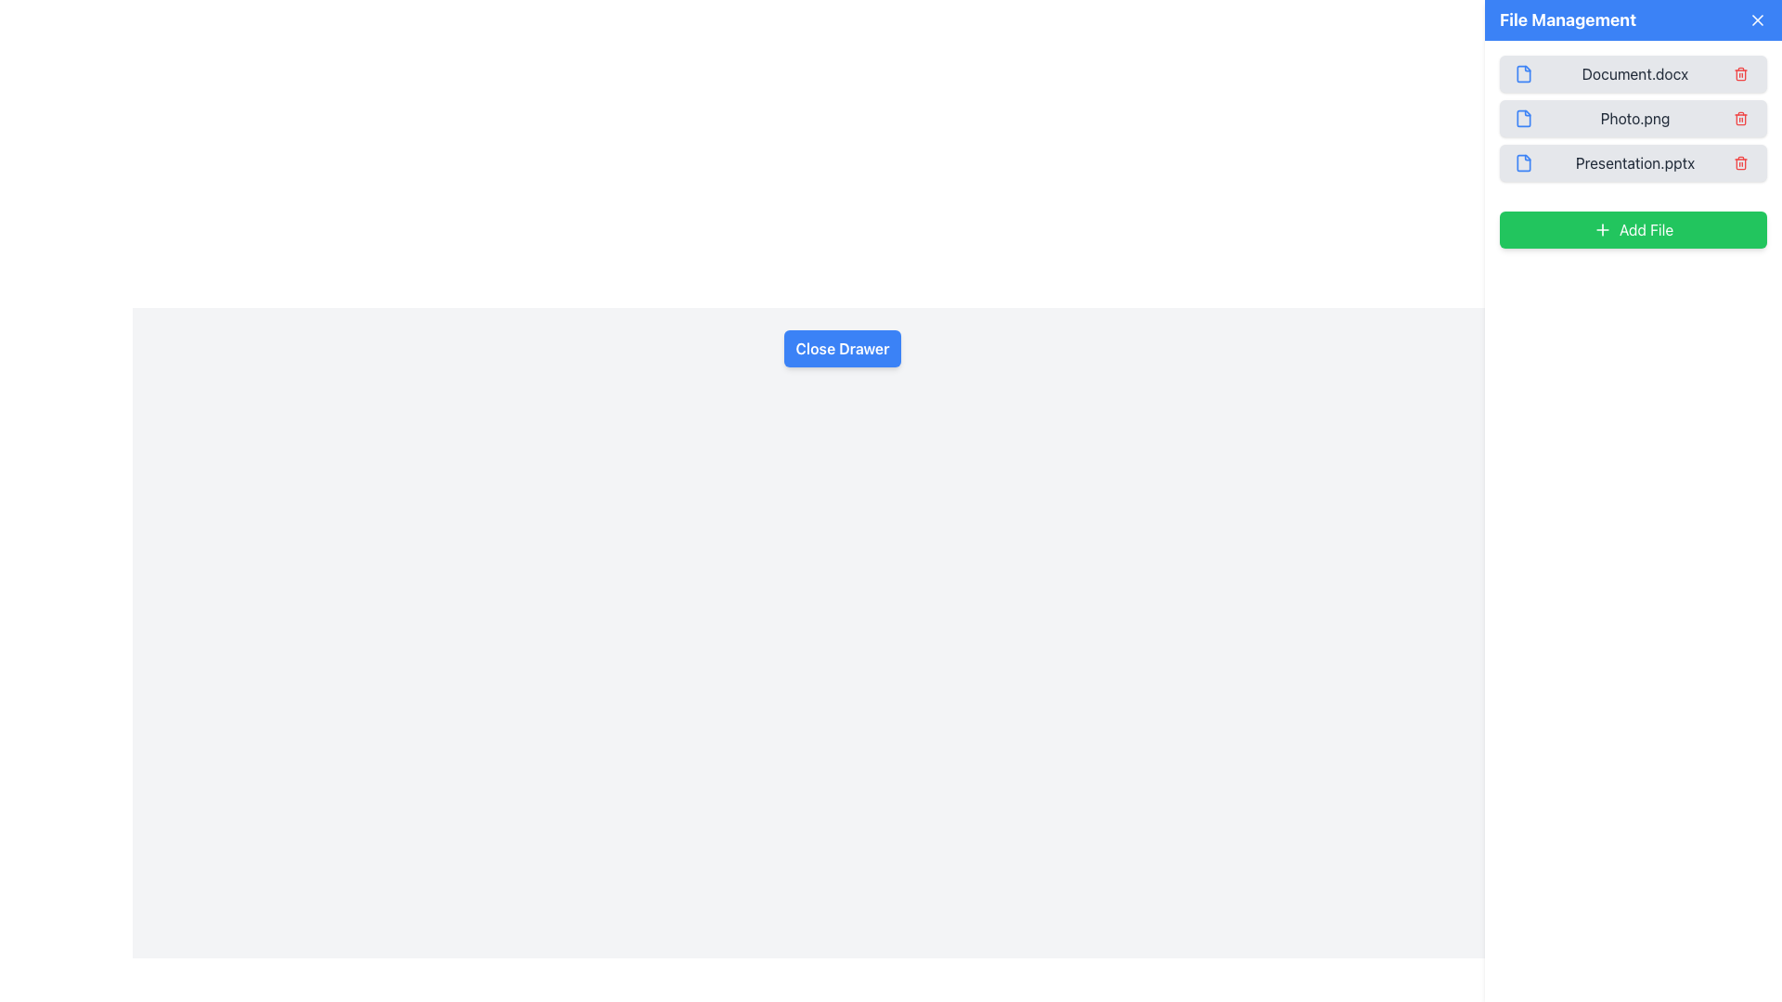 The width and height of the screenshot is (1782, 1002). Describe the element at coordinates (1757, 20) in the screenshot. I see `the 'X' icon button located at the top-right corner of the 'File Management' header` at that location.